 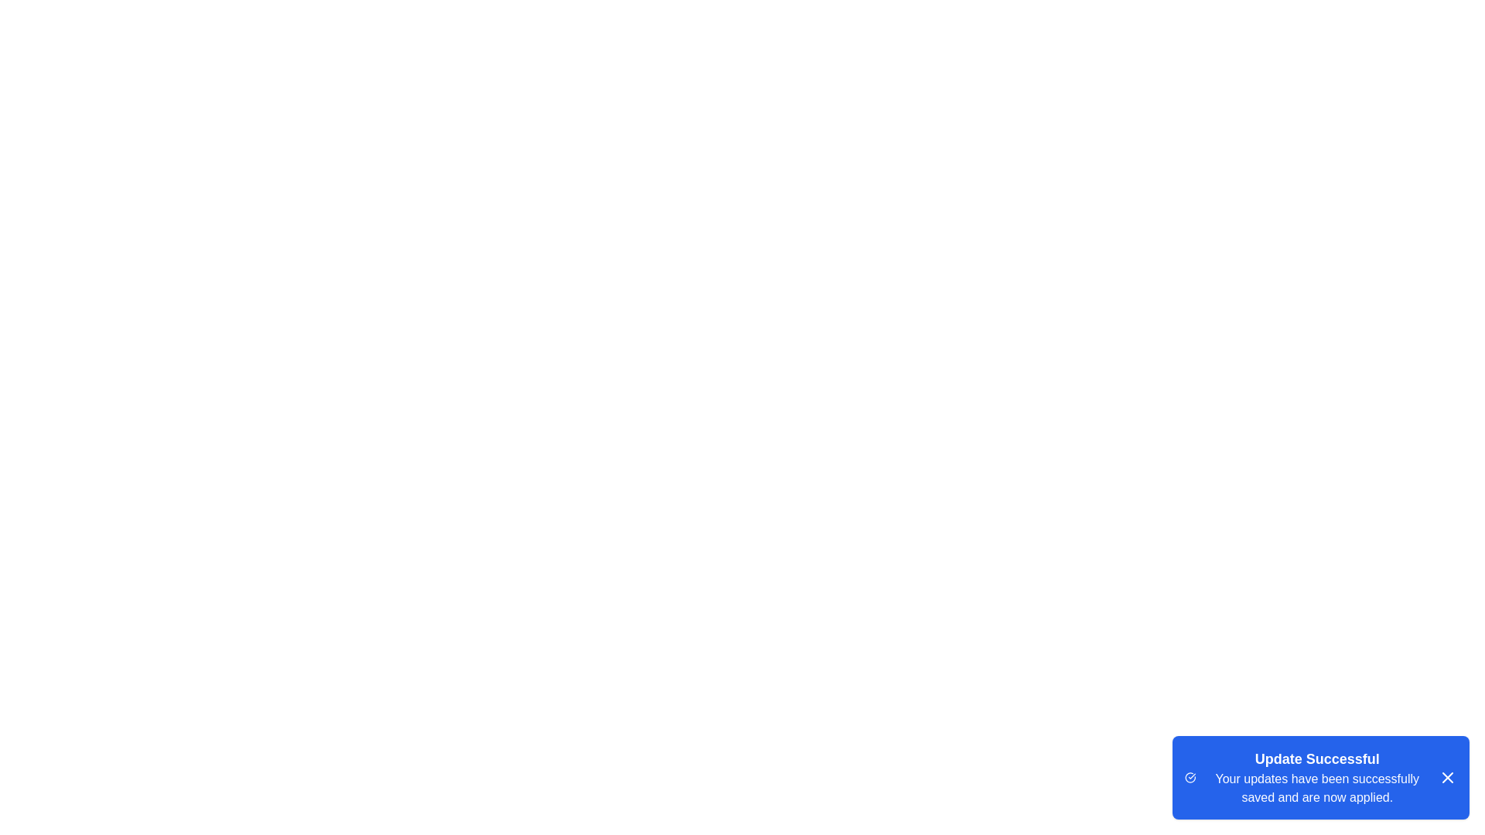 I want to click on the close button of the snackbar to dismiss it, so click(x=1447, y=778).